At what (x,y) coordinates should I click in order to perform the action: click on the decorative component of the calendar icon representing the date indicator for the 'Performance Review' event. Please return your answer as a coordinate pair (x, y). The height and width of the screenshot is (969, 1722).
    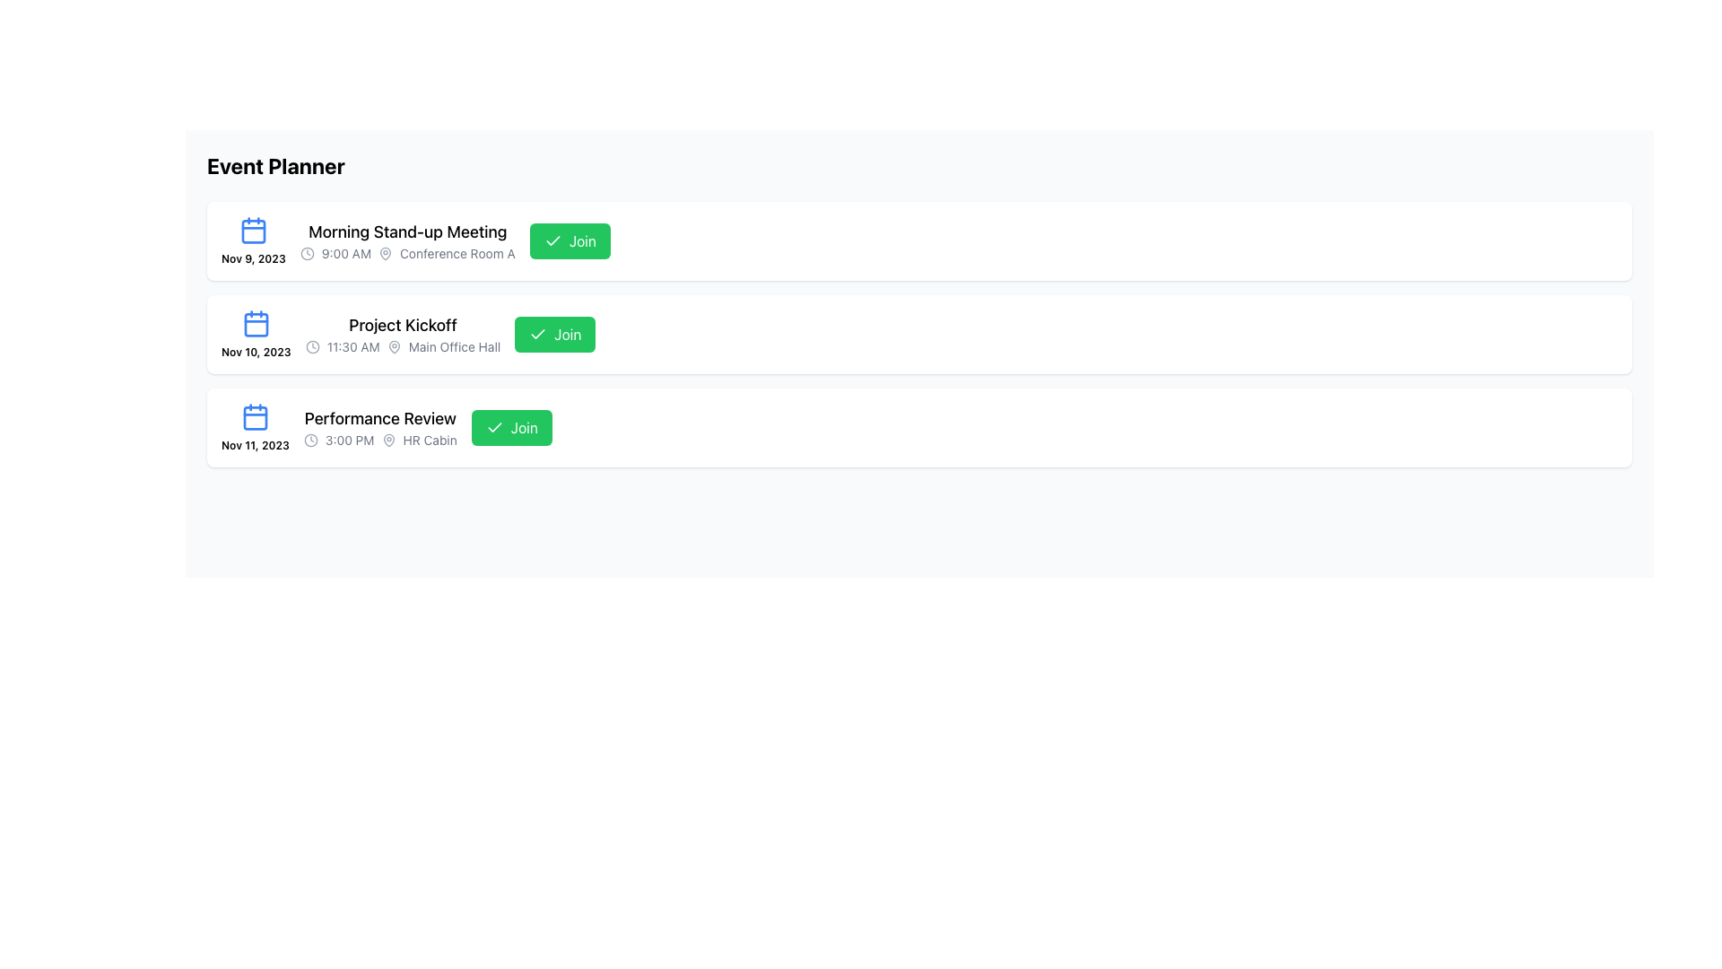
    Looking at the image, I should click on (254, 418).